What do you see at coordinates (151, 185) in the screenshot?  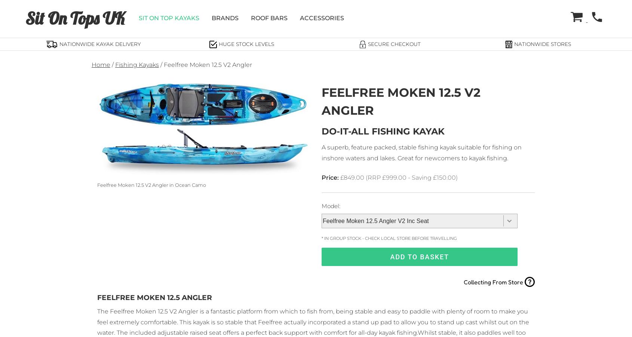 I see `'Feelfree Moken 12.5 V2 Angler in Ocean Camo'` at bounding box center [151, 185].